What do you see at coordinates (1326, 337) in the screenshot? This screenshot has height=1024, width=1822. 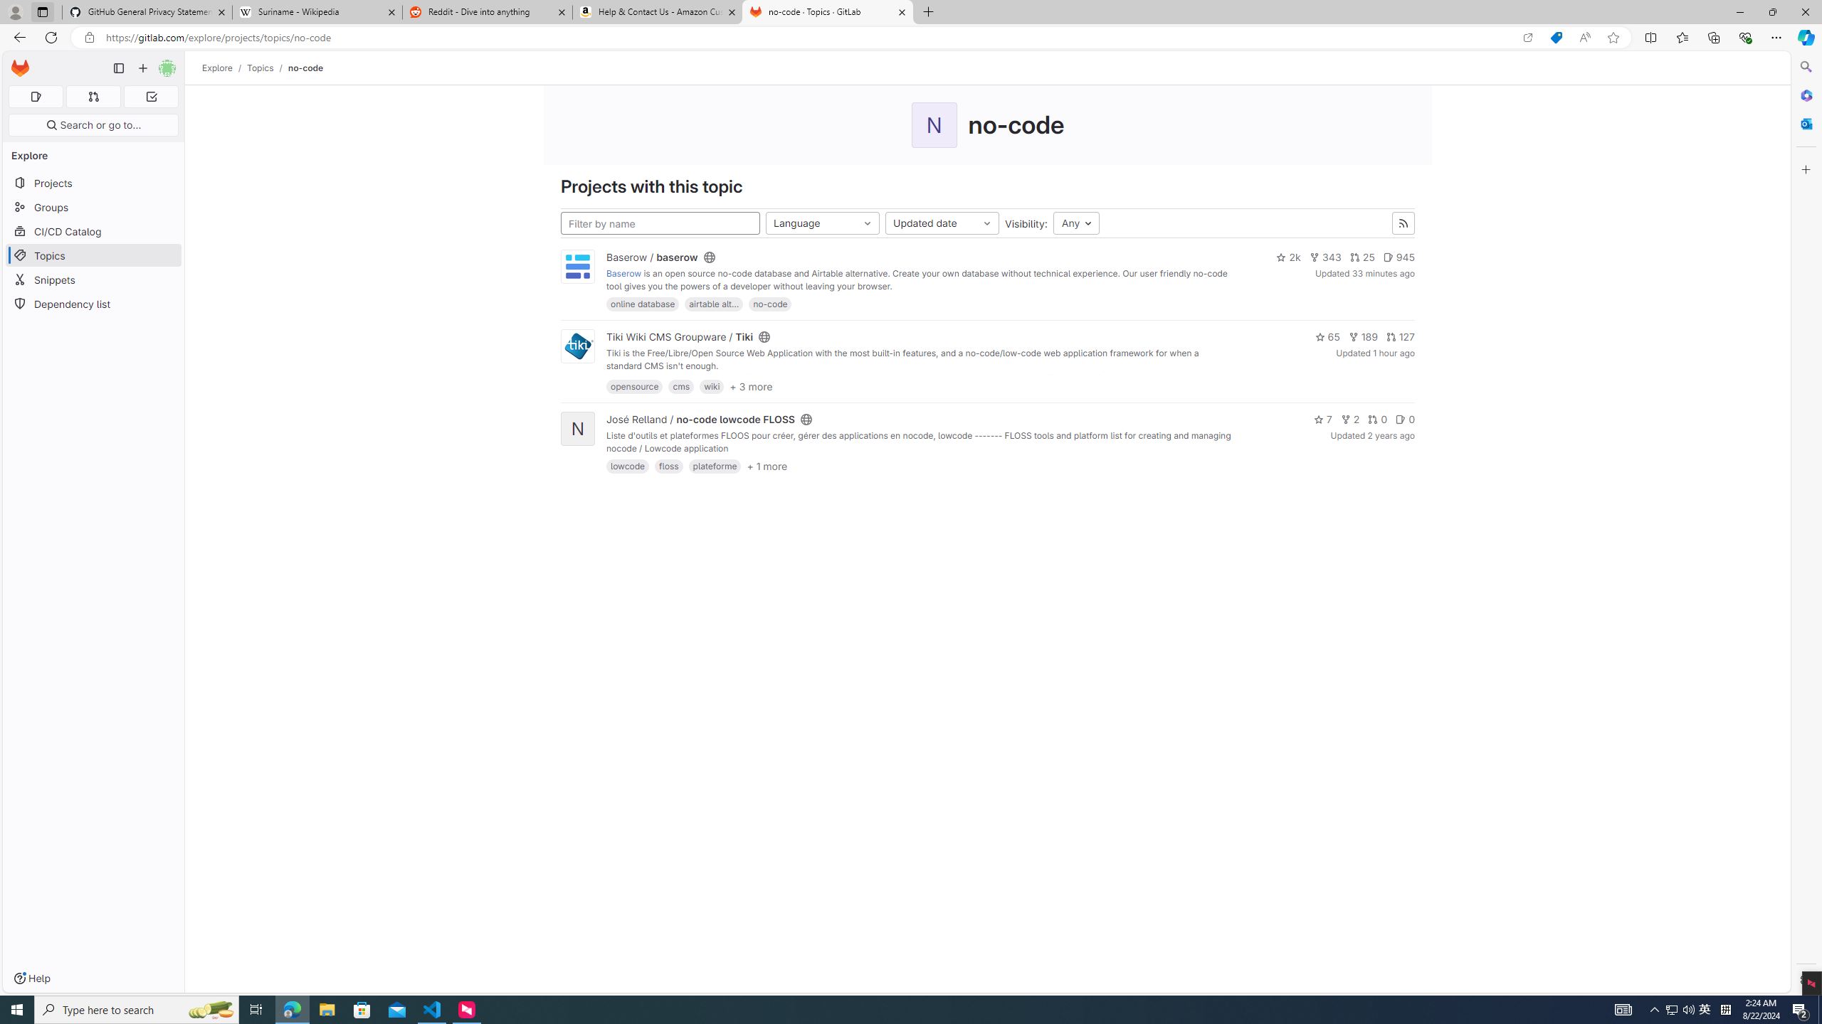 I see `'65'` at bounding box center [1326, 337].